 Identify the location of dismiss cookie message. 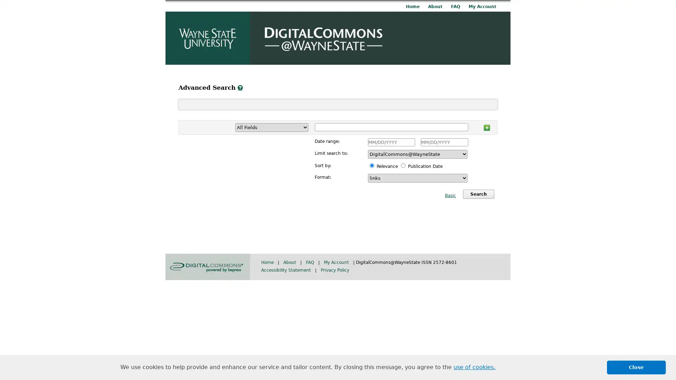
(636, 367).